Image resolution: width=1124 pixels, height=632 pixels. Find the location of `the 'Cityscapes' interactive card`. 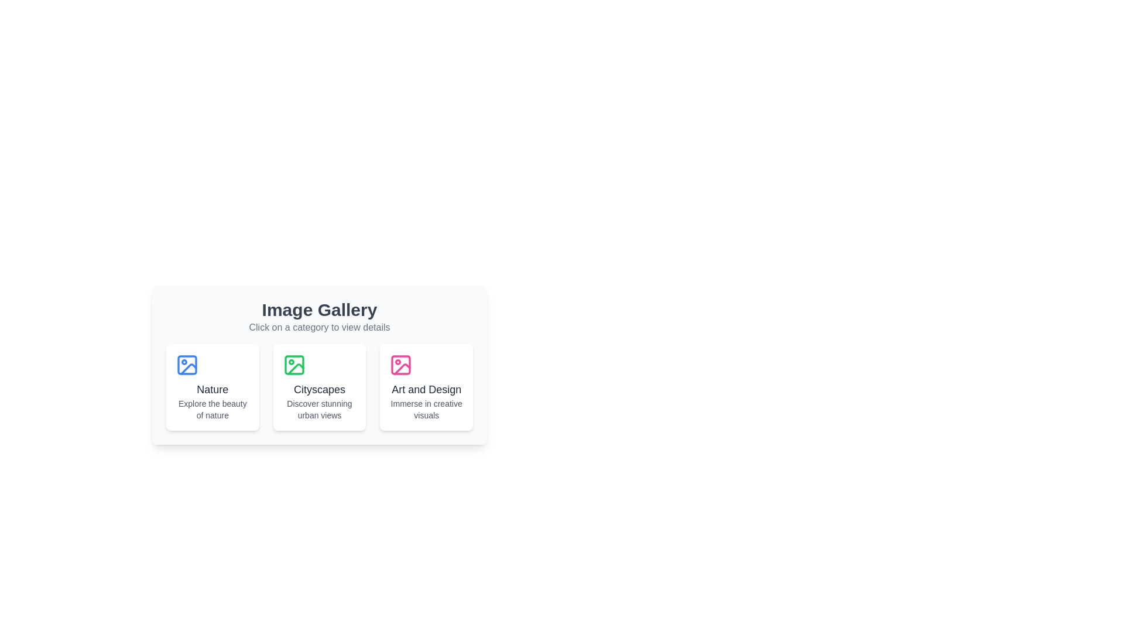

the 'Cityscapes' interactive card is located at coordinates (320, 365).